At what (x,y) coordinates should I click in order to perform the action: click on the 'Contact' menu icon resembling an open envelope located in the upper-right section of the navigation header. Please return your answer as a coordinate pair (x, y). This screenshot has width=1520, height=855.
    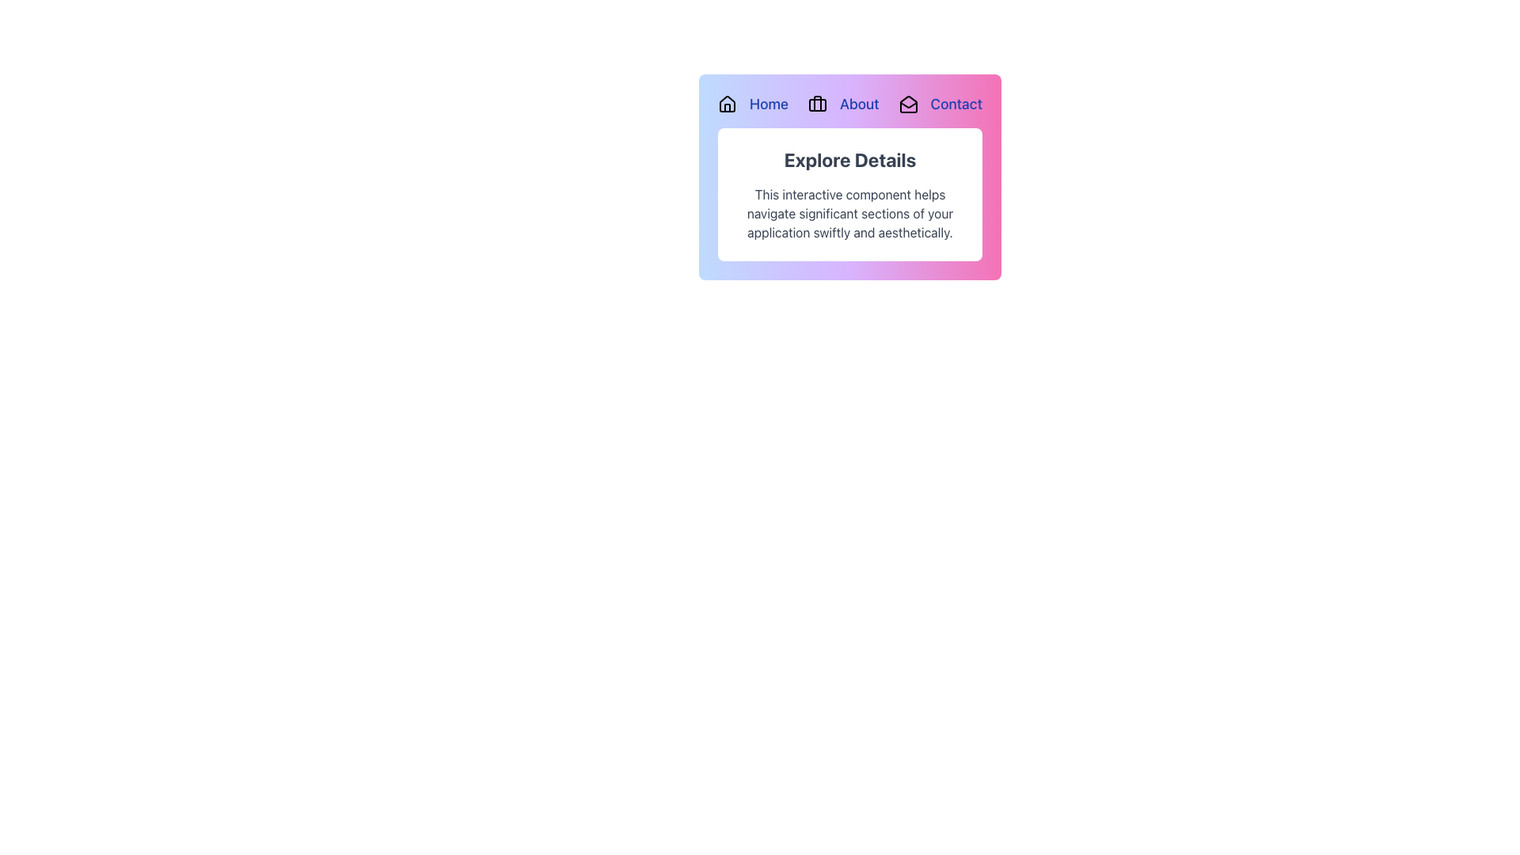
    Looking at the image, I should click on (908, 104).